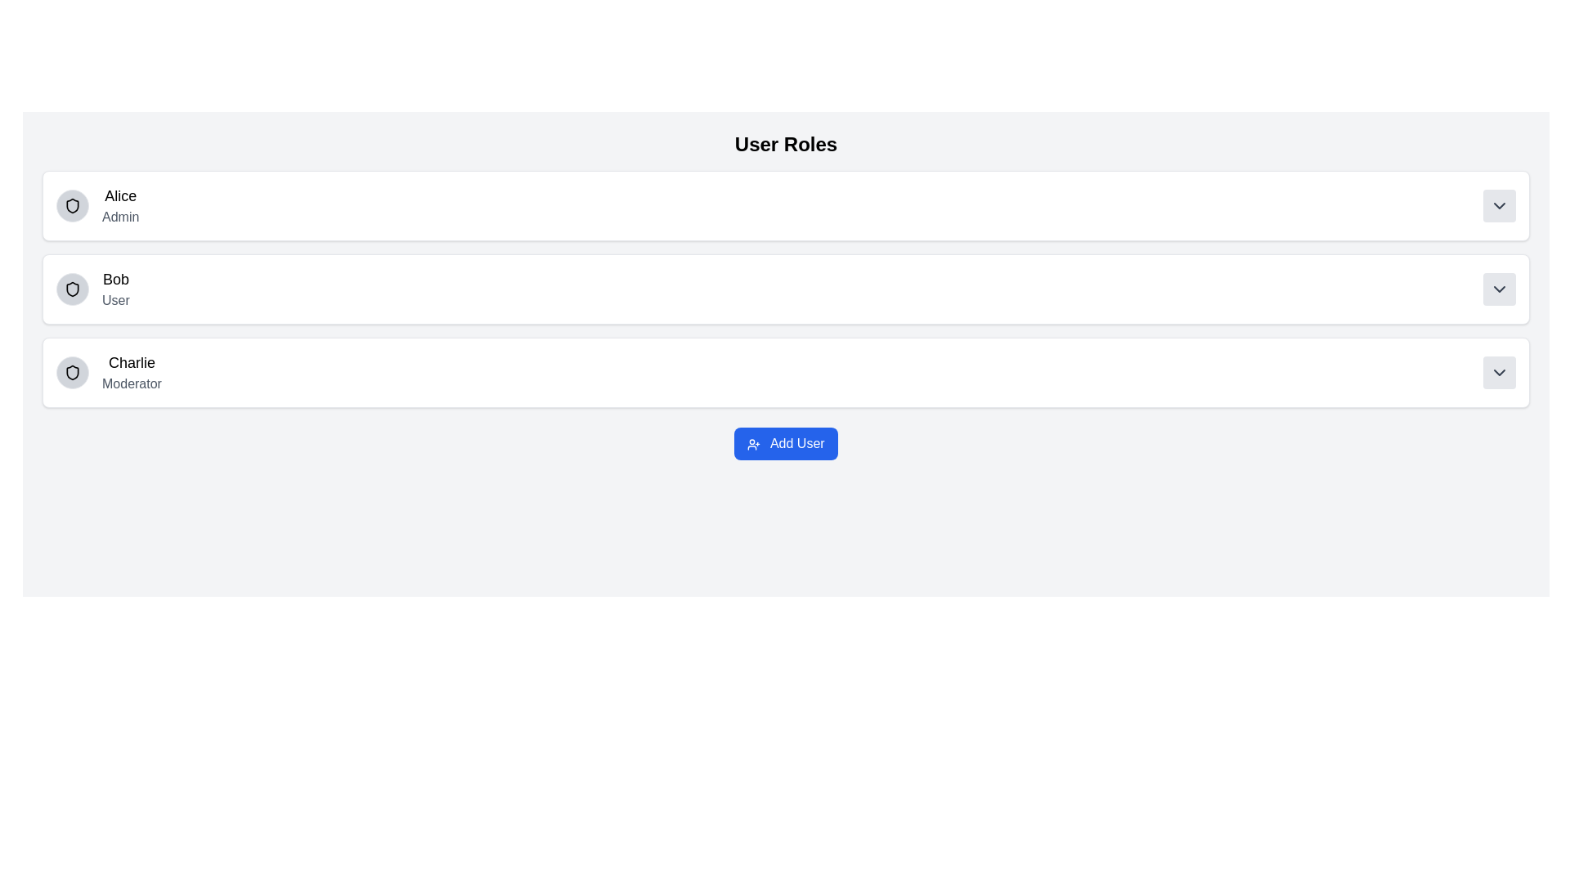 Image resolution: width=1570 pixels, height=883 pixels. What do you see at coordinates (114, 300) in the screenshot?
I see `the static text label that describes the role associated with the user 'Bob', located beneath the title 'User Roles' in the second user block` at bounding box center [114, 300].